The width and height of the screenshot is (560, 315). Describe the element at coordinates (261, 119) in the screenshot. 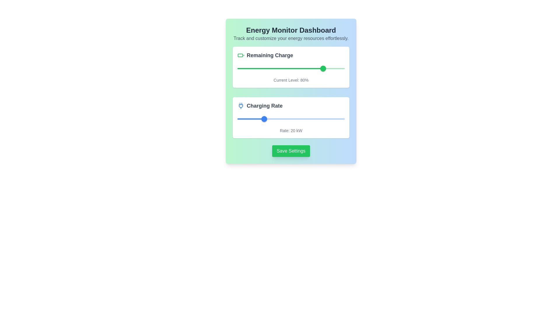

I see `the charging rate` at that location.